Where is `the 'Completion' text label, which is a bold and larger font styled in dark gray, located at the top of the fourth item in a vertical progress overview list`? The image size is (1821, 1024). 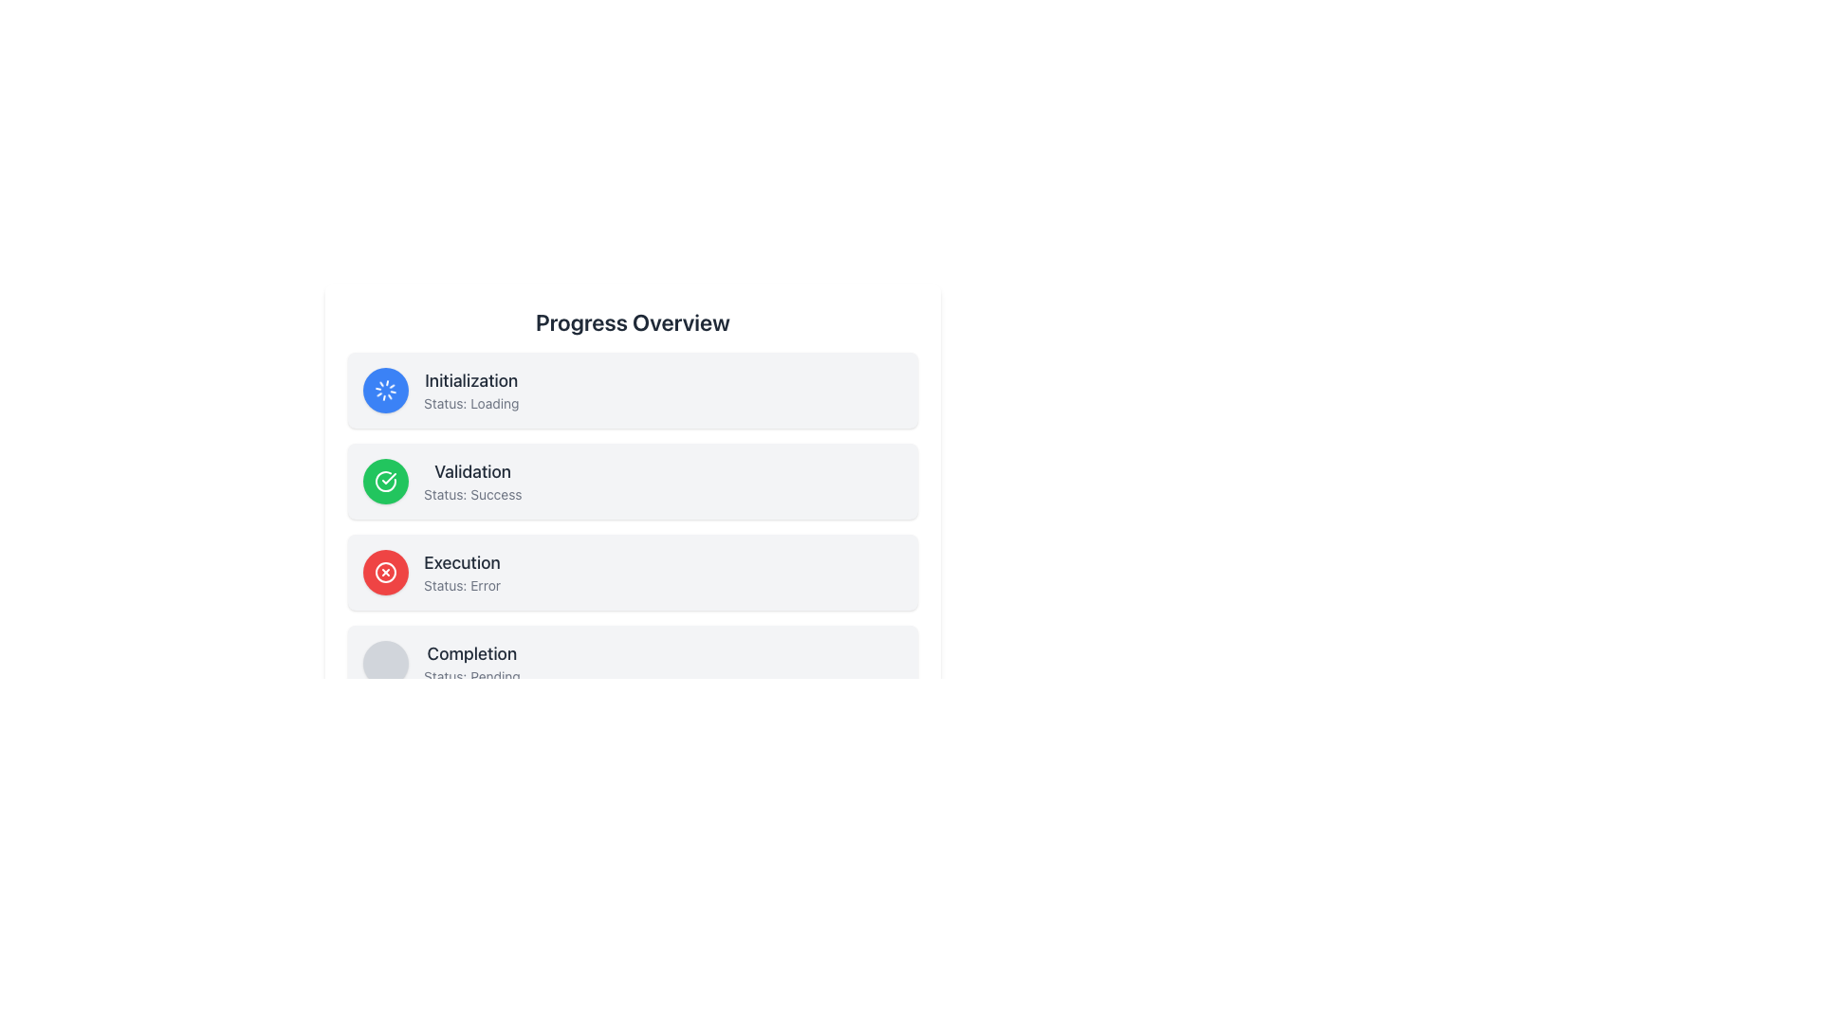
the 'Completion' text label, which is a bold and larger font styled in dark gray, located at the top of the fourth item in a vertical progress overview list is located at coordinates (471, 653).